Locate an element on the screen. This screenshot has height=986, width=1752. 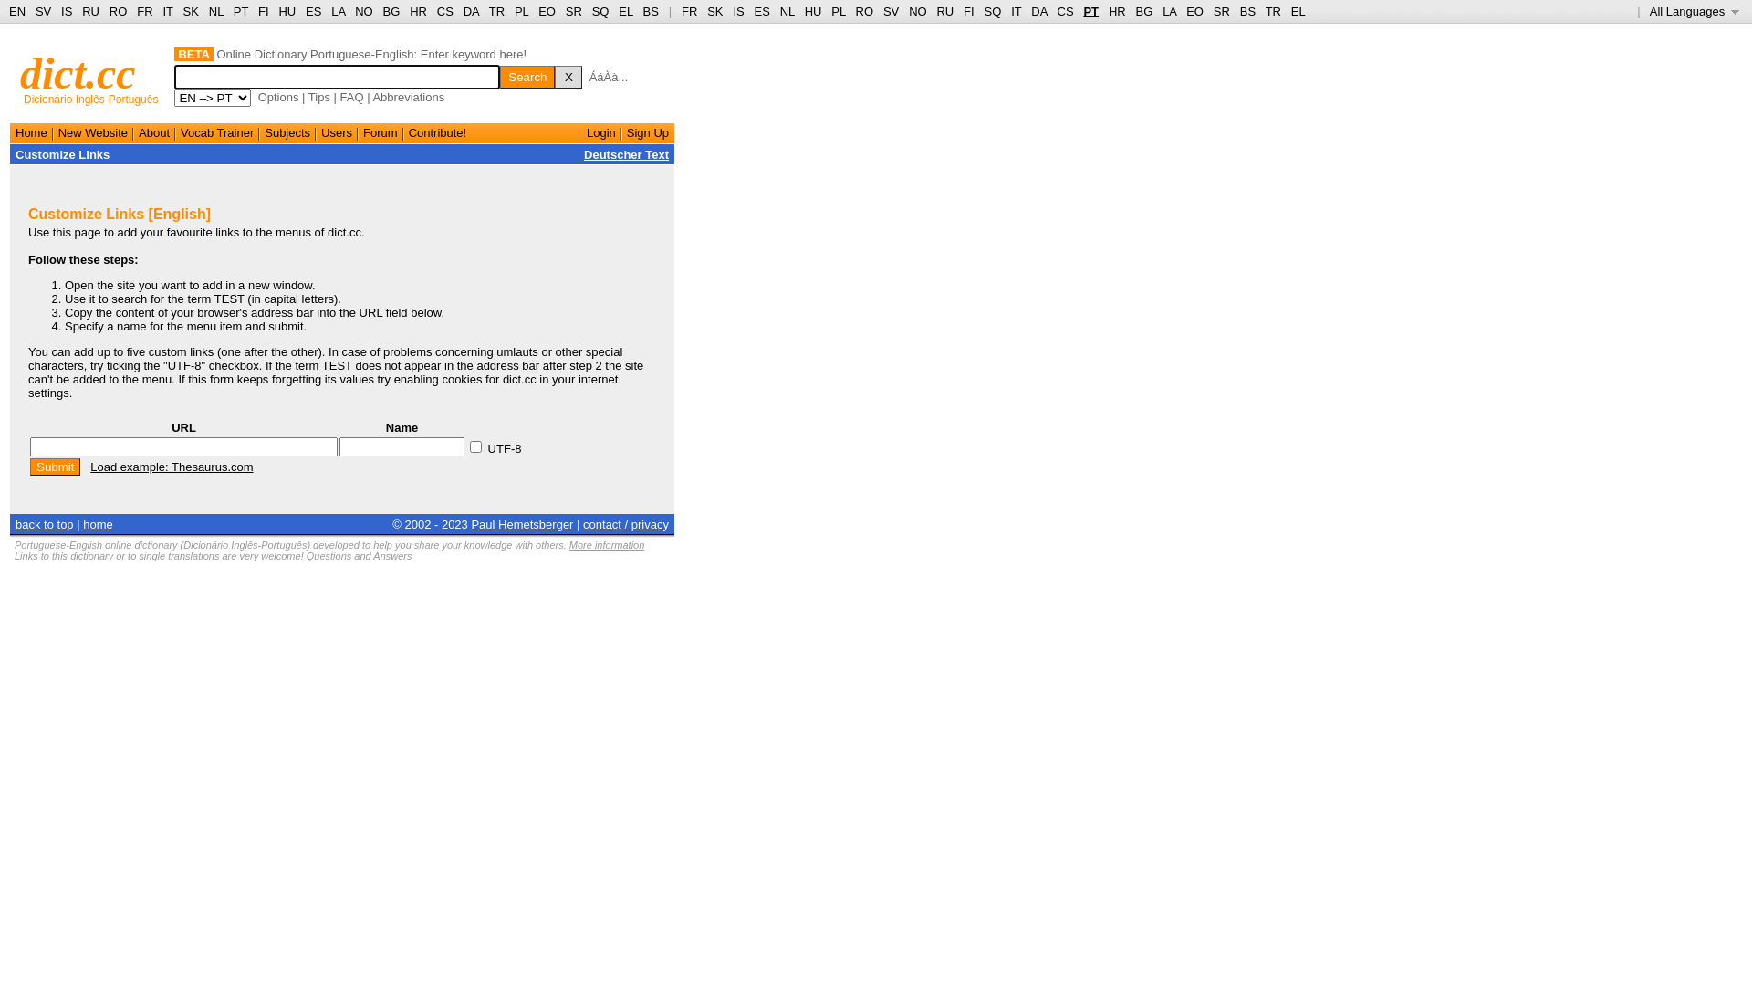
'CS' is located at coordinates (1064, 11).